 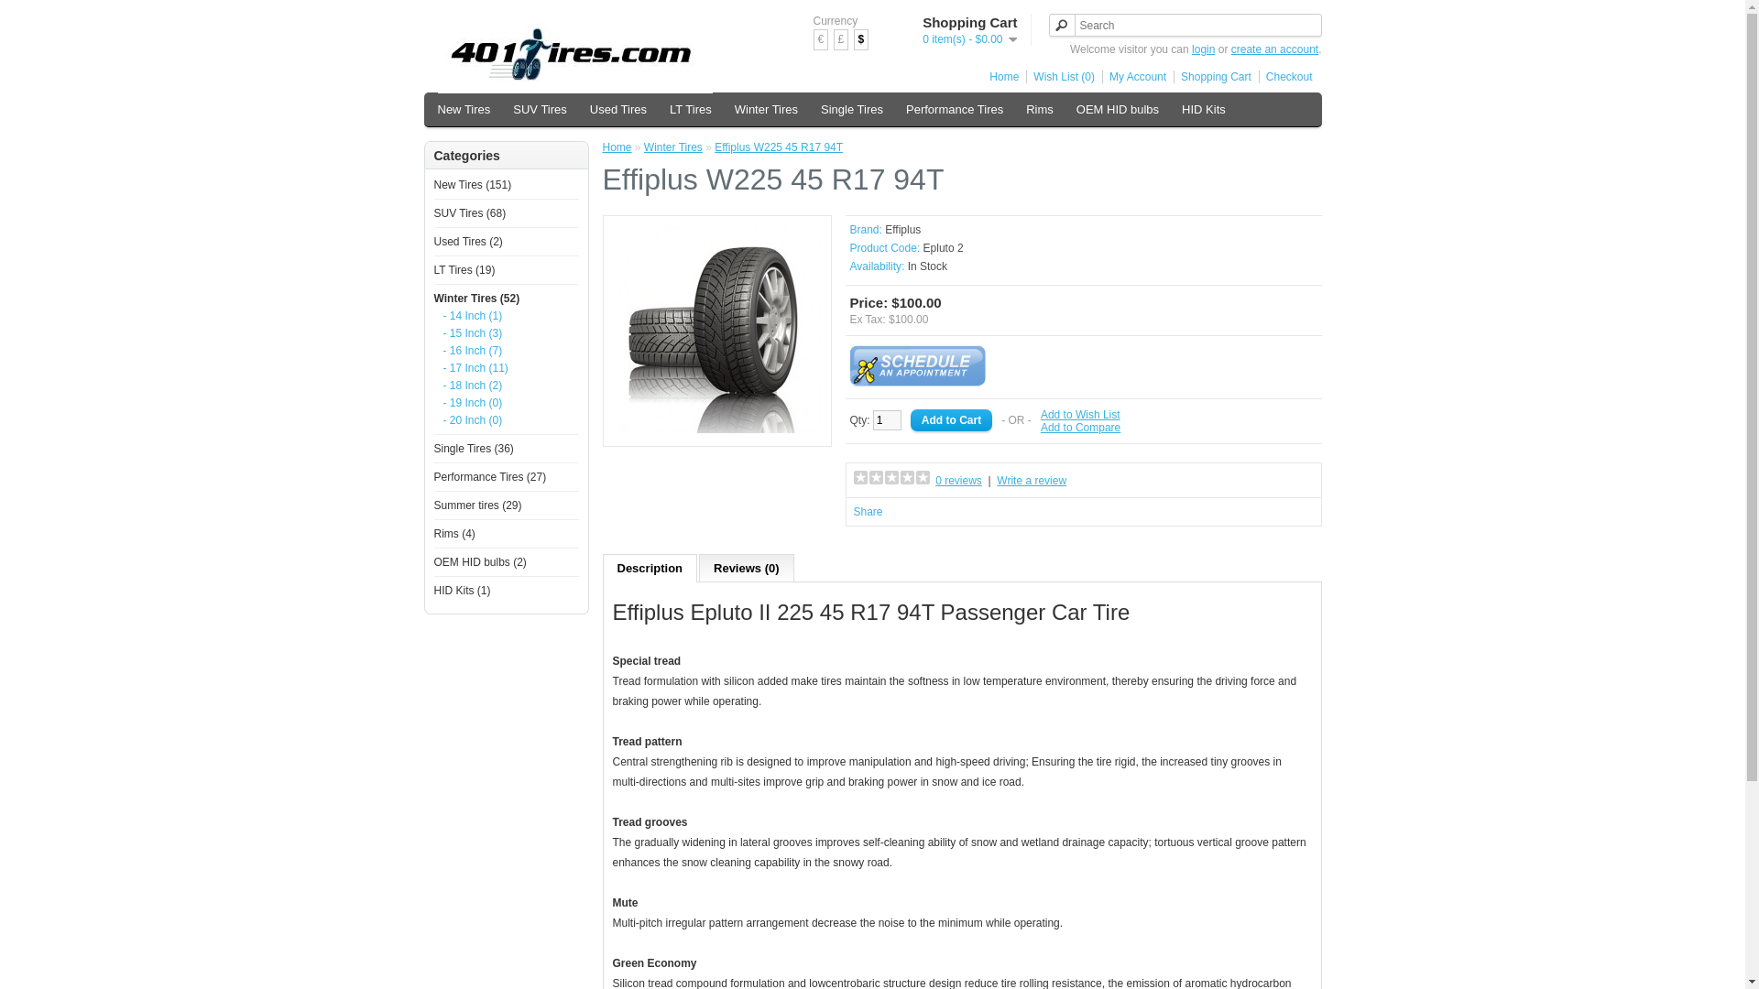 I want to click on 'SUV Tires (68)', so click(x=470, y=212).